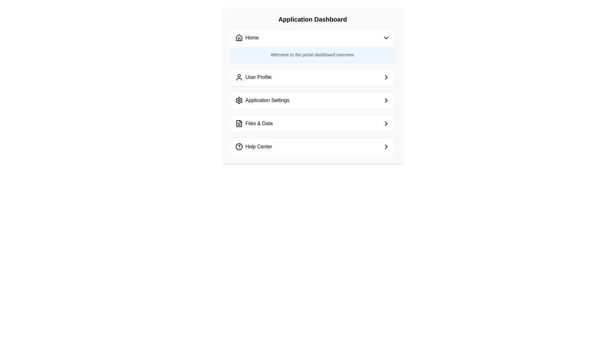 Image resolution: width=601 pixels, height=338 pixels. I want to click on the 'User Profile' button located in the navigation list below the 'Application Dashboard' title, so click(312, 77).